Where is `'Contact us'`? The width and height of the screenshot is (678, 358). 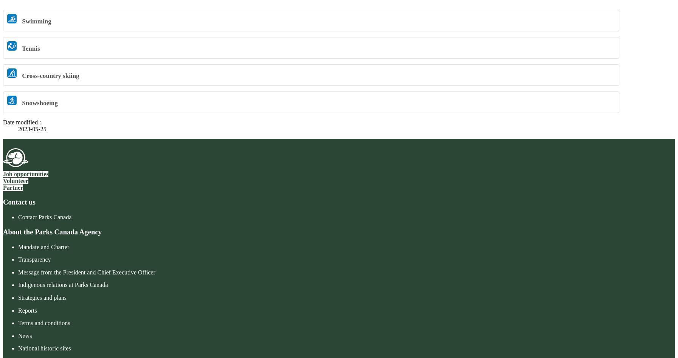
'Contact us' is located at coordinates (19, 201).